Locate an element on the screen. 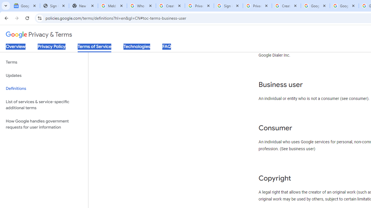  'Create your Google Account' is located at coordinates (286, 6).